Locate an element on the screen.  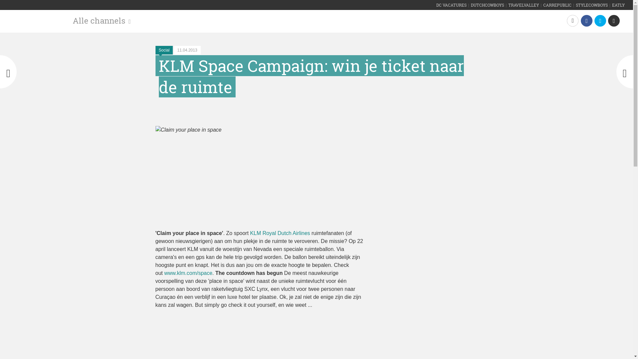
'Twitter' is located at coordinates (600, 20).